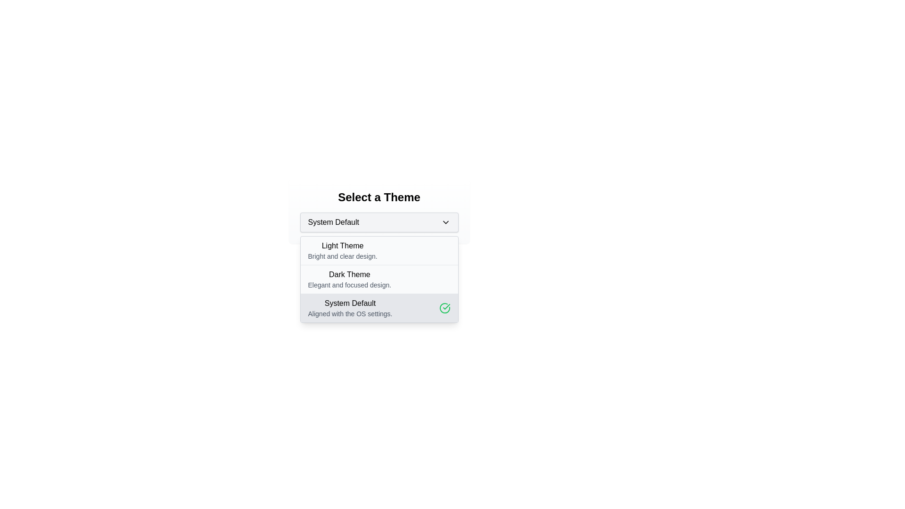 Image resolution: width=905 pixels, height=509 pixels. Describe the element at coordinates (444, 308) in the screenshot. I see `the green stroke circular fragment of the SVG icon depicting a partial arc located beside the 'System Default' option in the theme selection dropdown` at that location.